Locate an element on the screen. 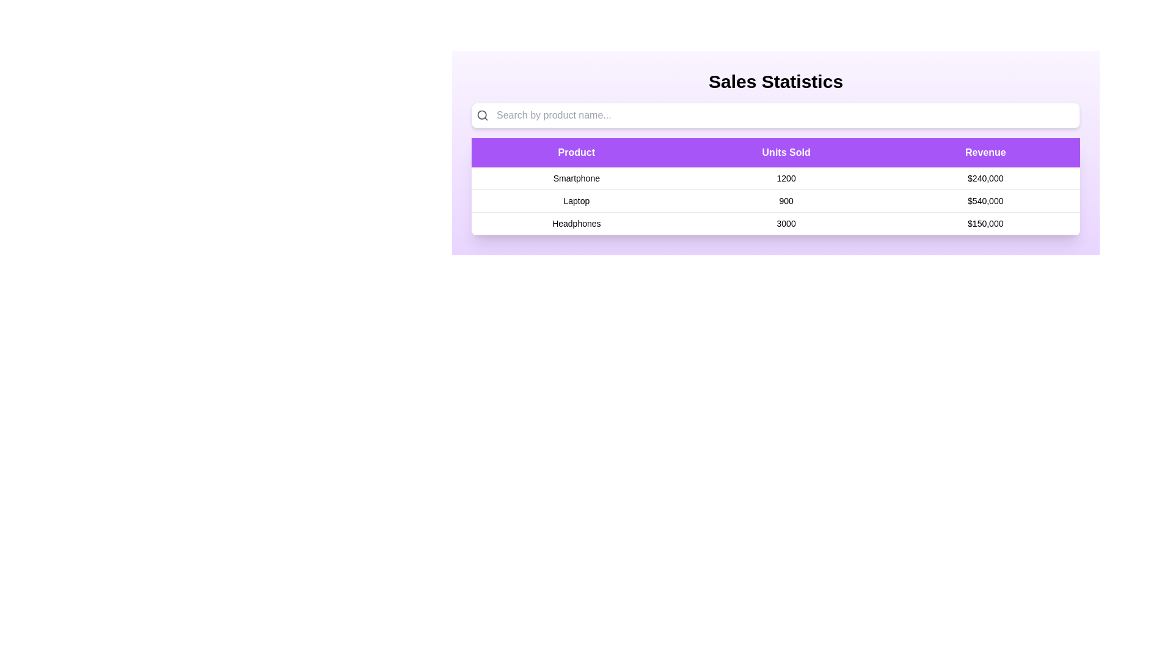  the table row corresponding to Headphones is located at coordinates (576, 224).